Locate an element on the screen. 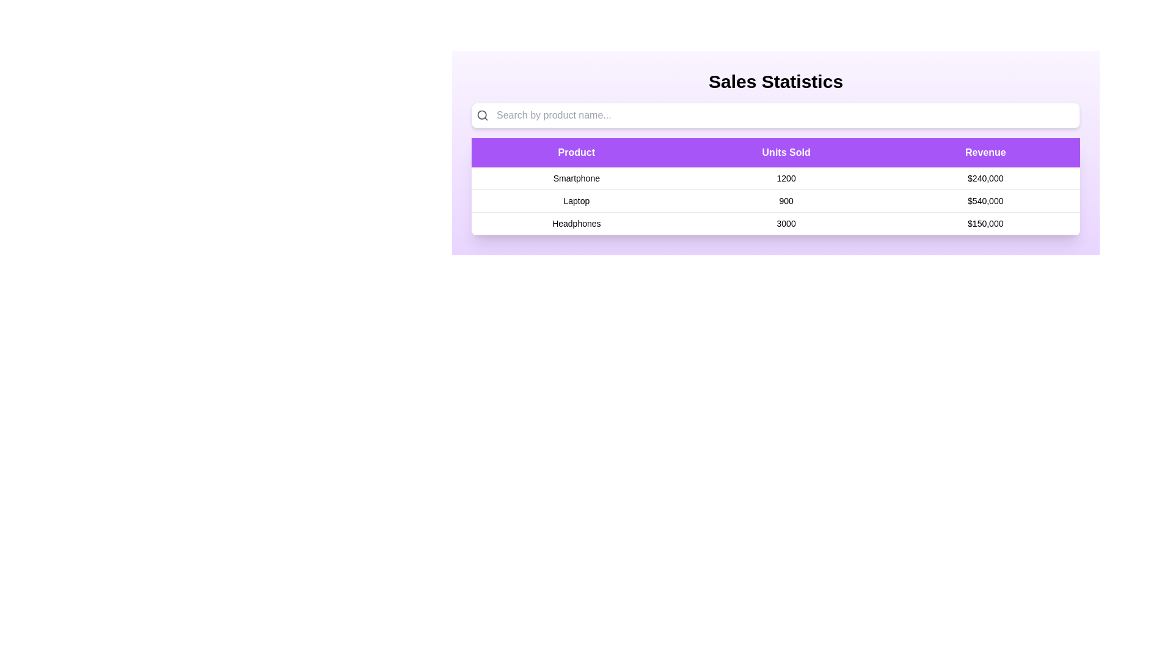  the table row corresponding to Headphones is located at coordinates (576, 224).